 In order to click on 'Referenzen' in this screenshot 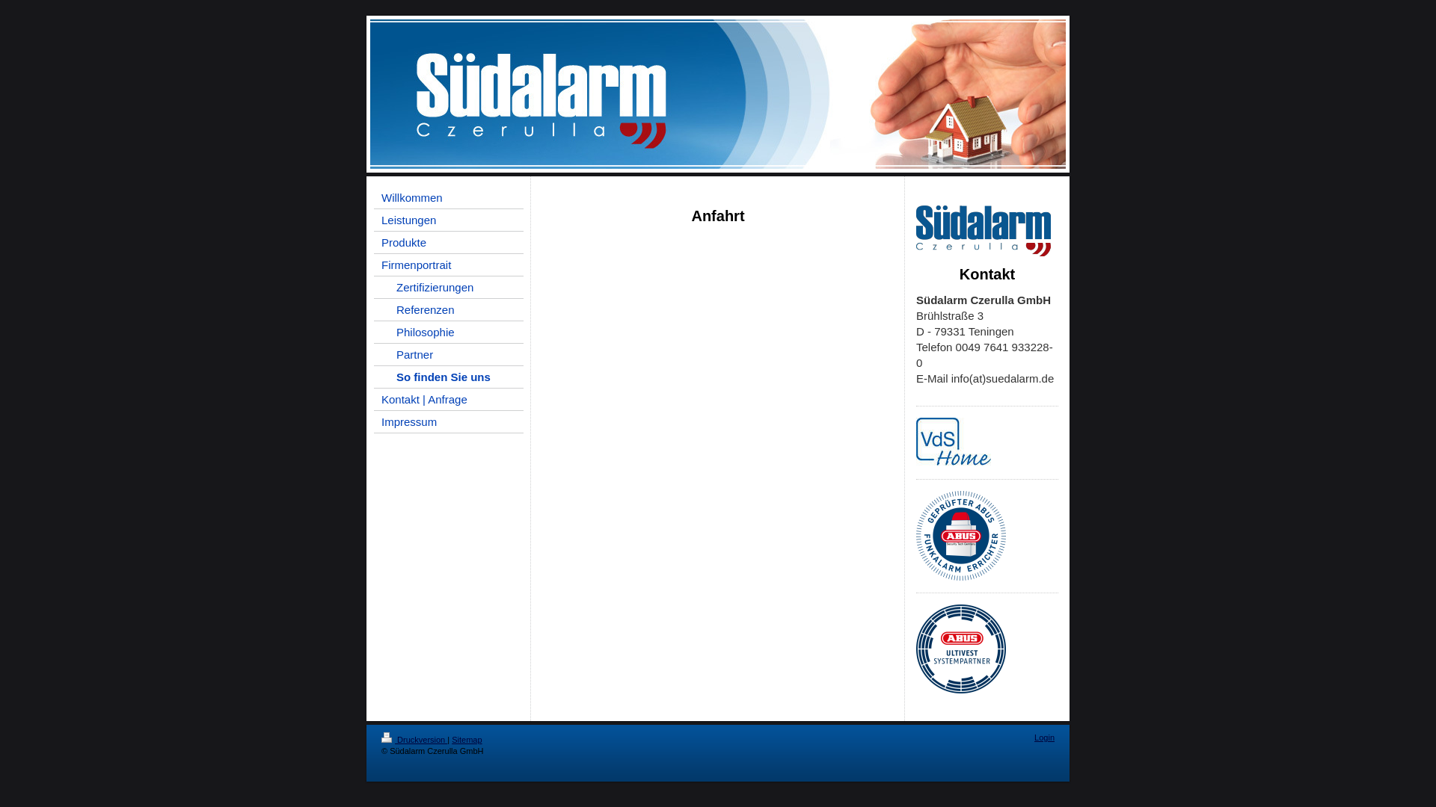, I will do `click(448, 309)`.